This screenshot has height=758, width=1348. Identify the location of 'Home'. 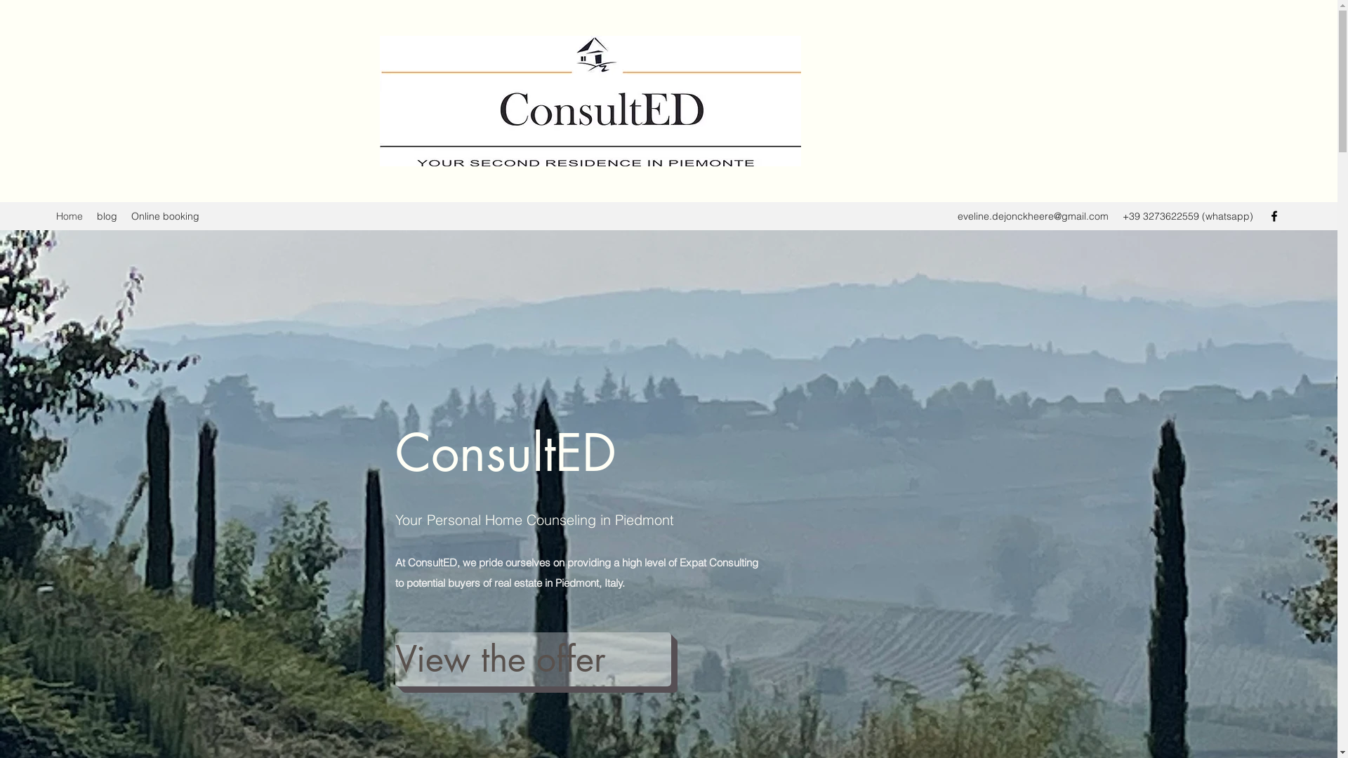
(69, 216).